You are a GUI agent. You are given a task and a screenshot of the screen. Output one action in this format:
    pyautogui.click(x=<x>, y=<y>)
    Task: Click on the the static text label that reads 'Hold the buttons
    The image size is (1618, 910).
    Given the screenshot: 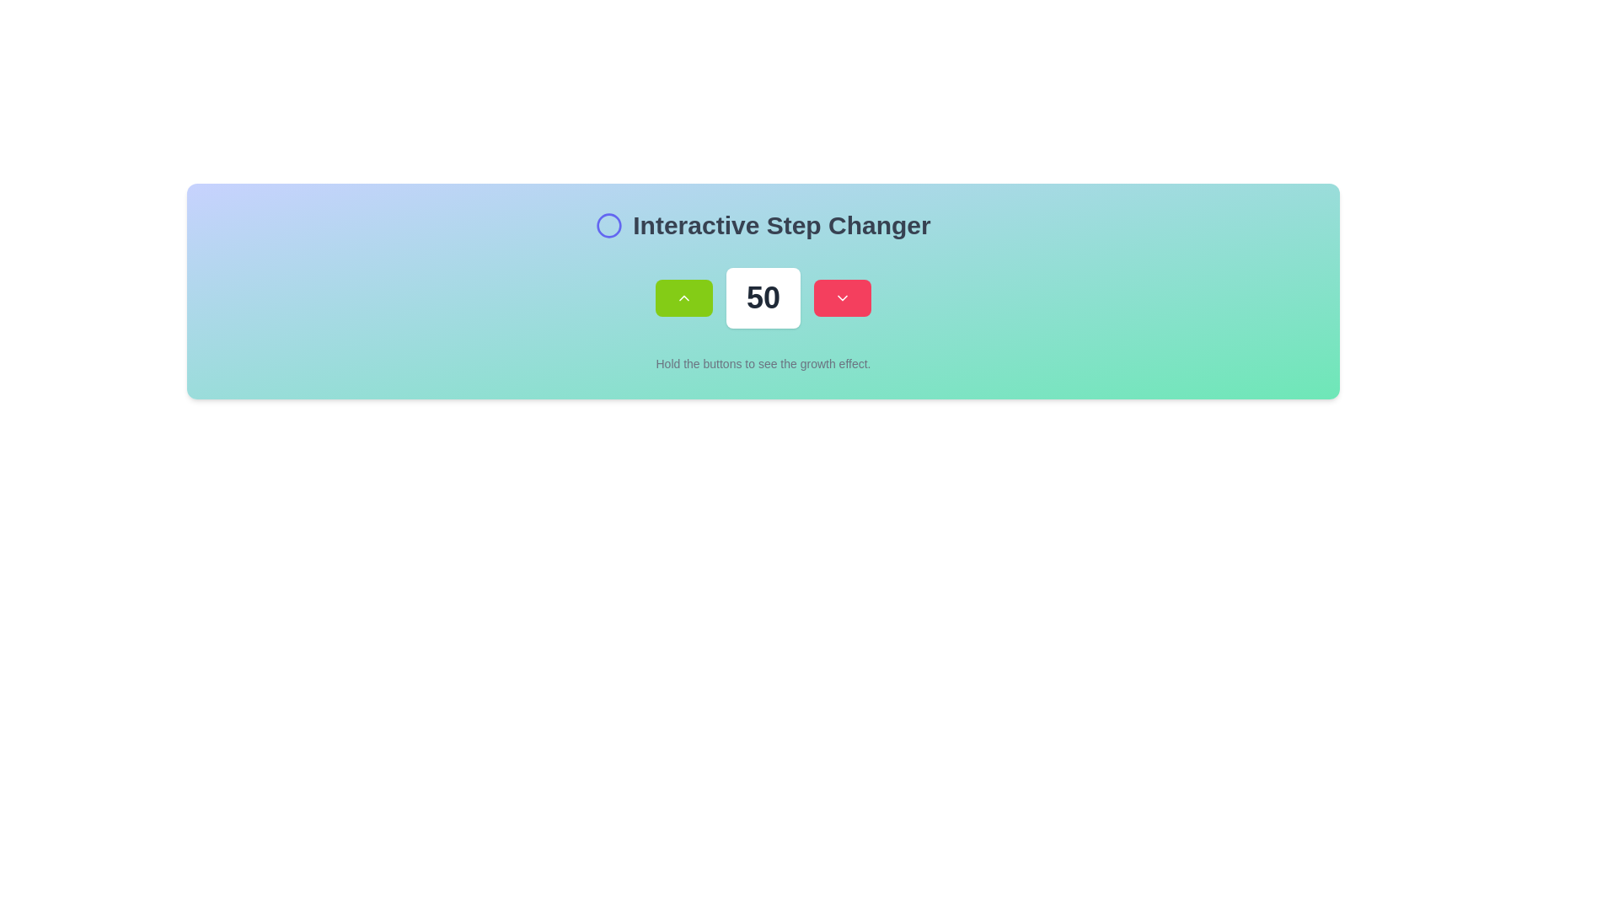 What is the action you would take?
    pyautogui.click(x=763, y=363)
    